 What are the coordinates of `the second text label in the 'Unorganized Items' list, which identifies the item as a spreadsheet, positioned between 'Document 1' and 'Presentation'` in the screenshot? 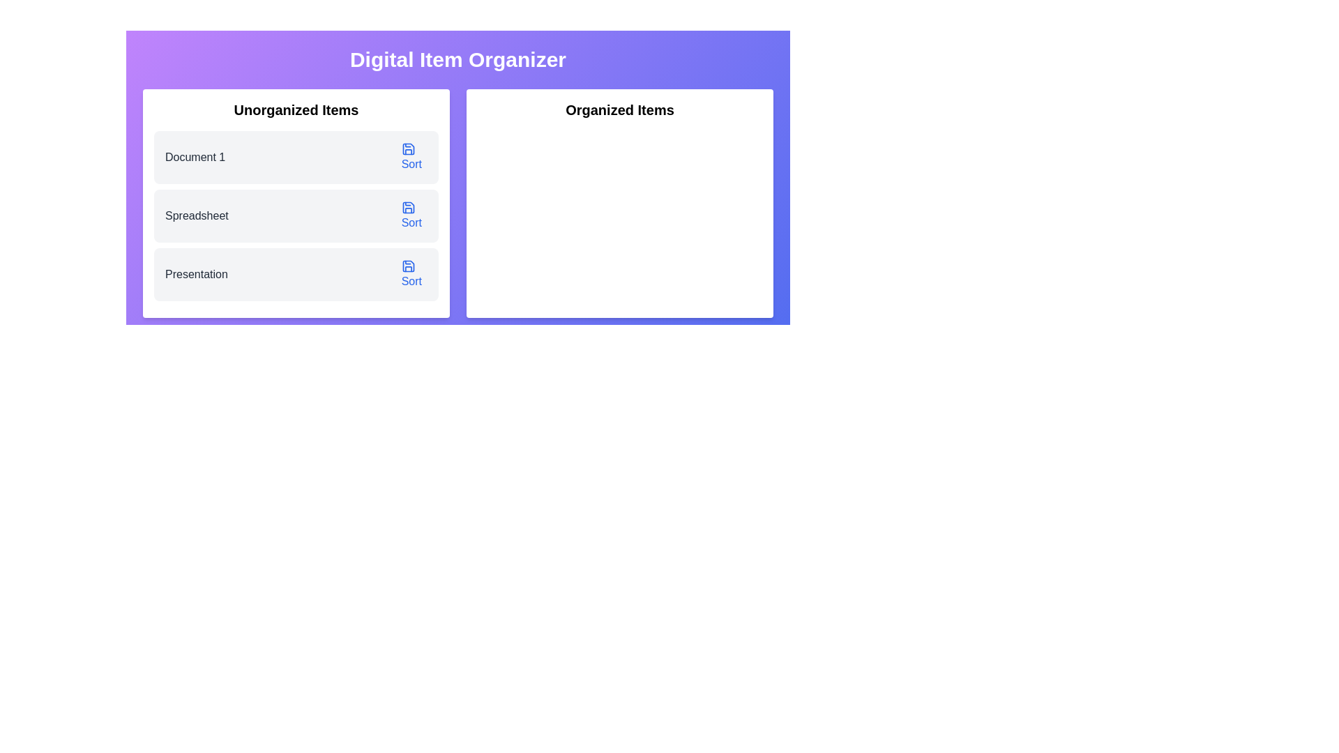 It's located at (196, 215).